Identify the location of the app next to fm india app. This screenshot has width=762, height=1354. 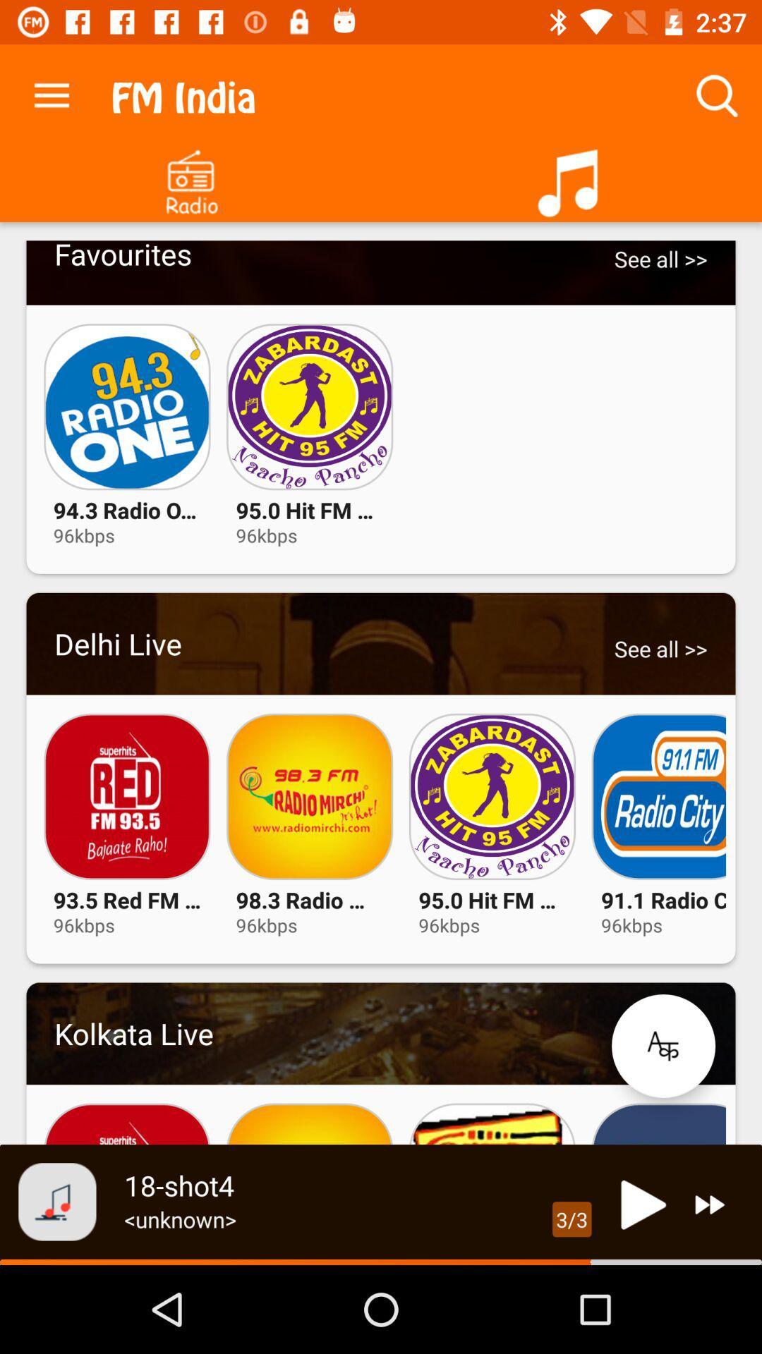
(51, 92).